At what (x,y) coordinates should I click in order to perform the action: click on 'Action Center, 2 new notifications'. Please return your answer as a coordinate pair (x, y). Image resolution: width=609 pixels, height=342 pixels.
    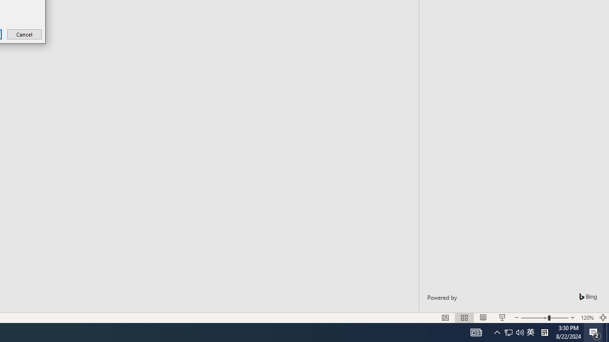
    Looking at the image, I should click on (595, 332).